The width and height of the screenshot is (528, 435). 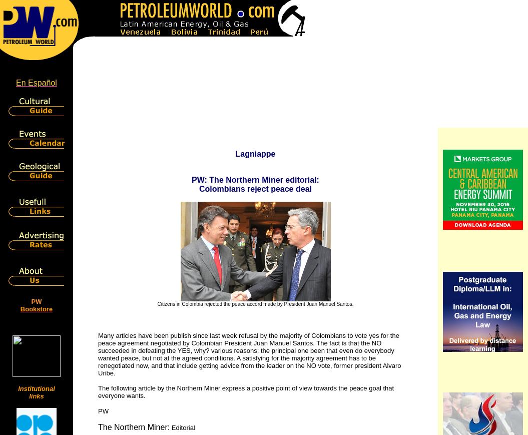 I want to click on 'The Northern Miner:', so click(x=134, y=427).